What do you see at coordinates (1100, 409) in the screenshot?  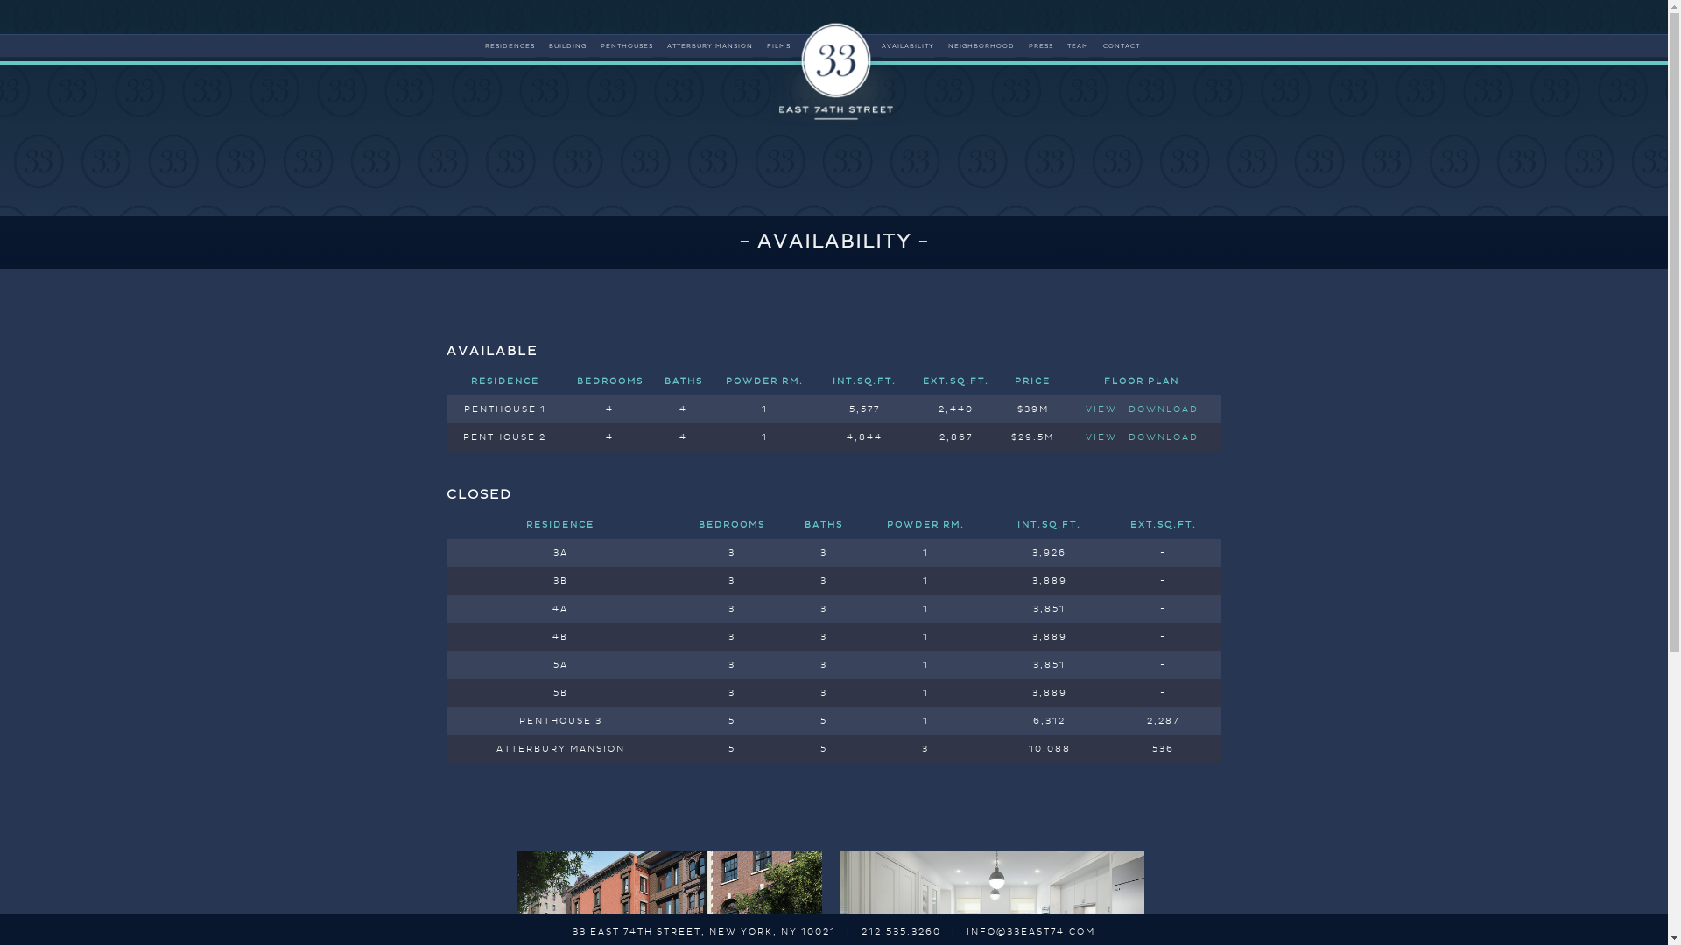 I see `'VIEW'` at bounding box center [1100, 409].